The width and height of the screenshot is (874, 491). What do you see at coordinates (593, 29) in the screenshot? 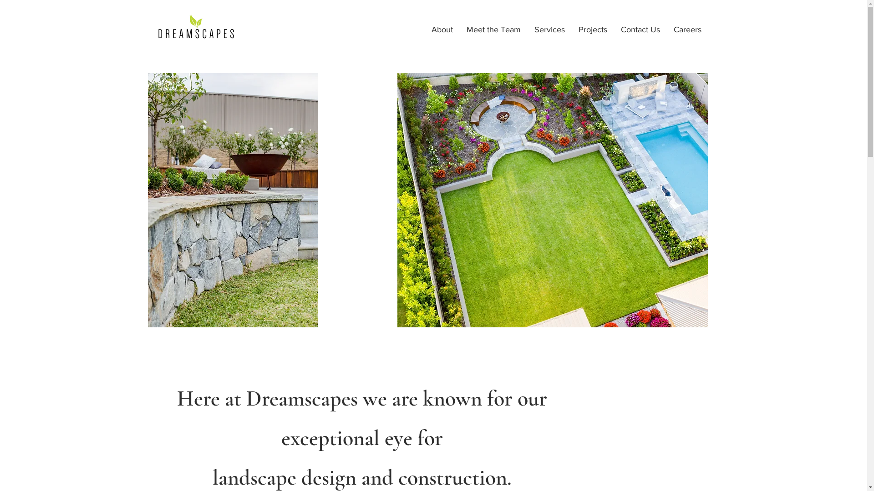
I see `'Projects'` at bounding box center [593, 29].